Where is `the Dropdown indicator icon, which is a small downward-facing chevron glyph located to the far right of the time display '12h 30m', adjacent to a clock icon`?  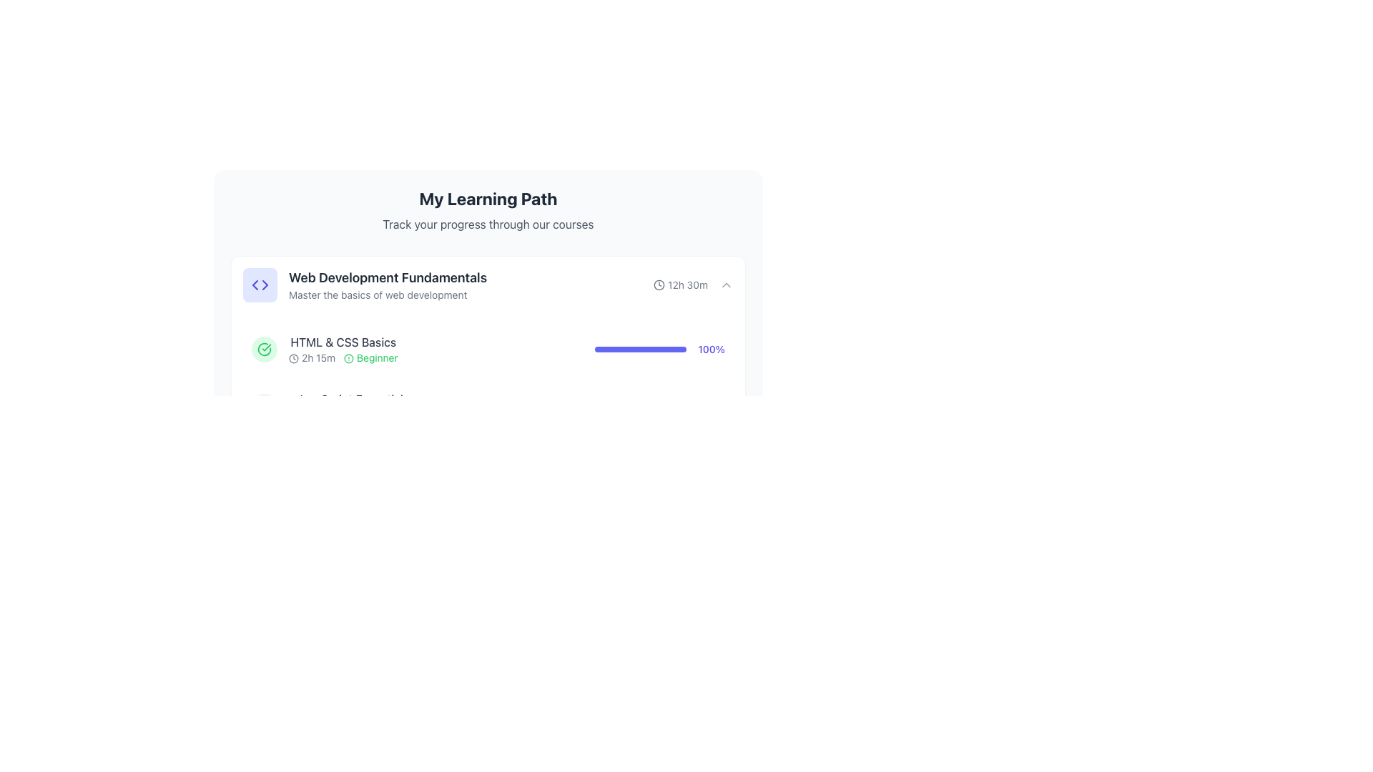
the Dropdown indicator icon, which is a small downward-facing chevron glyph located to the far right of the time display '12h 30m', adjacent to a clock icon is located at coordinates (727, 284).